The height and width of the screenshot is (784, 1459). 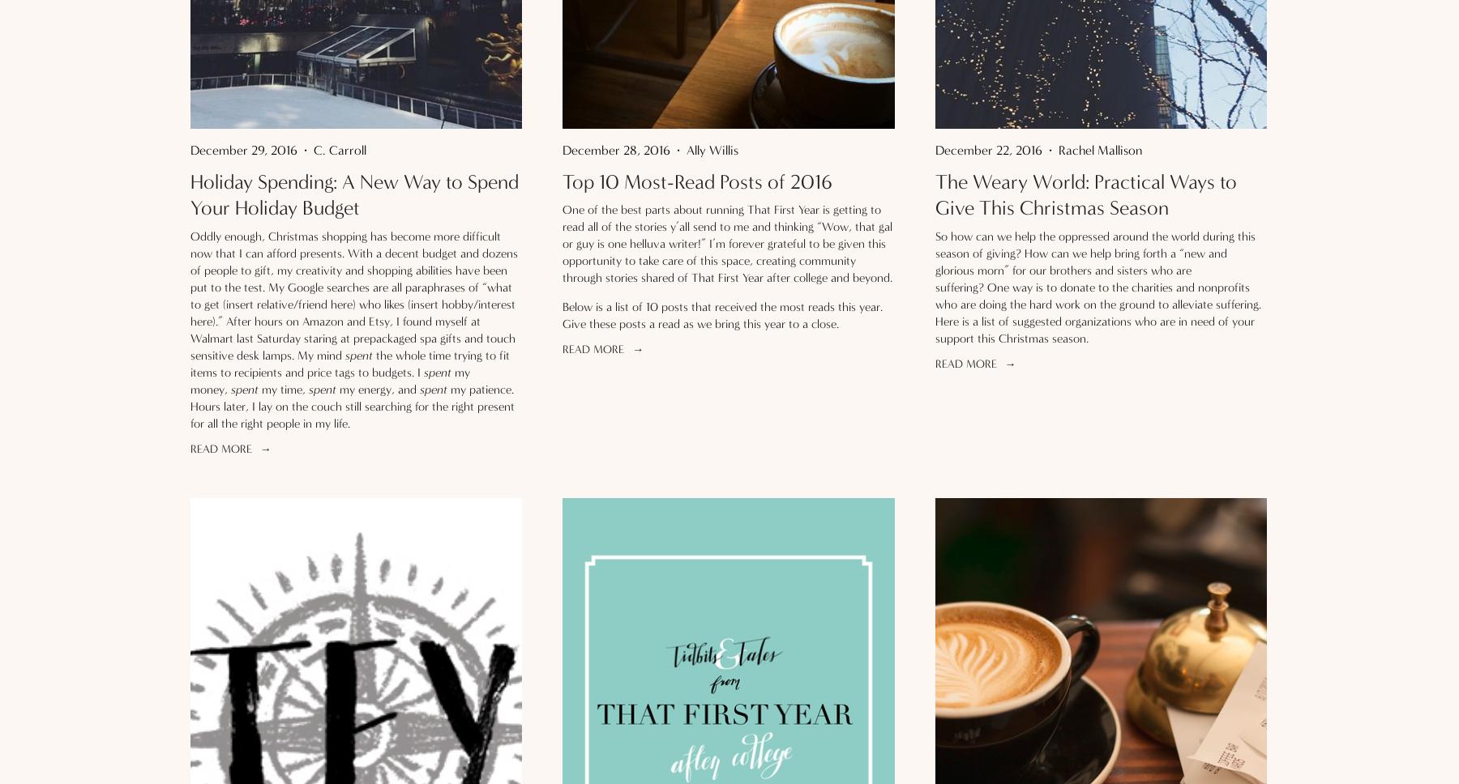 I want to click on 'December 22, 2016', so click(x=986, y=150).